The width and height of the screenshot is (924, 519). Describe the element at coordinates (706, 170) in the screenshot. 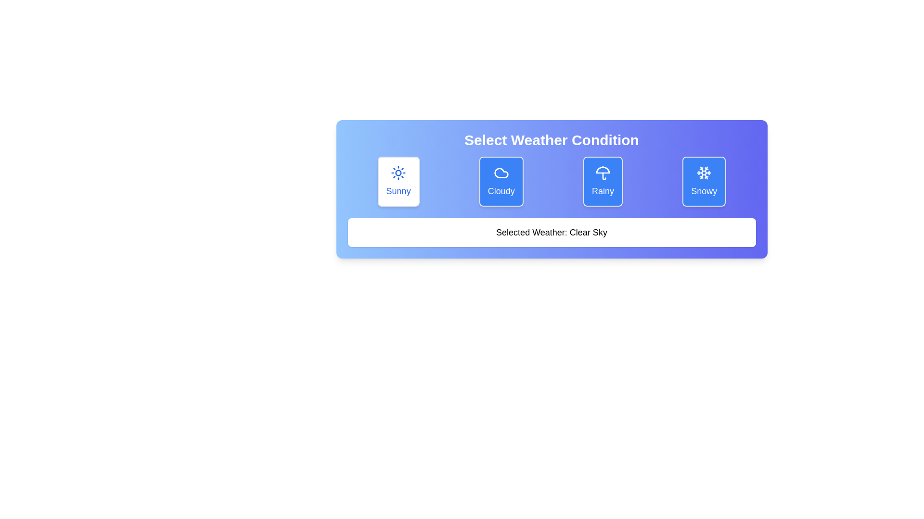

I see `the 'Snowy' icon within the 'Select Weather Condition' card` at that location.